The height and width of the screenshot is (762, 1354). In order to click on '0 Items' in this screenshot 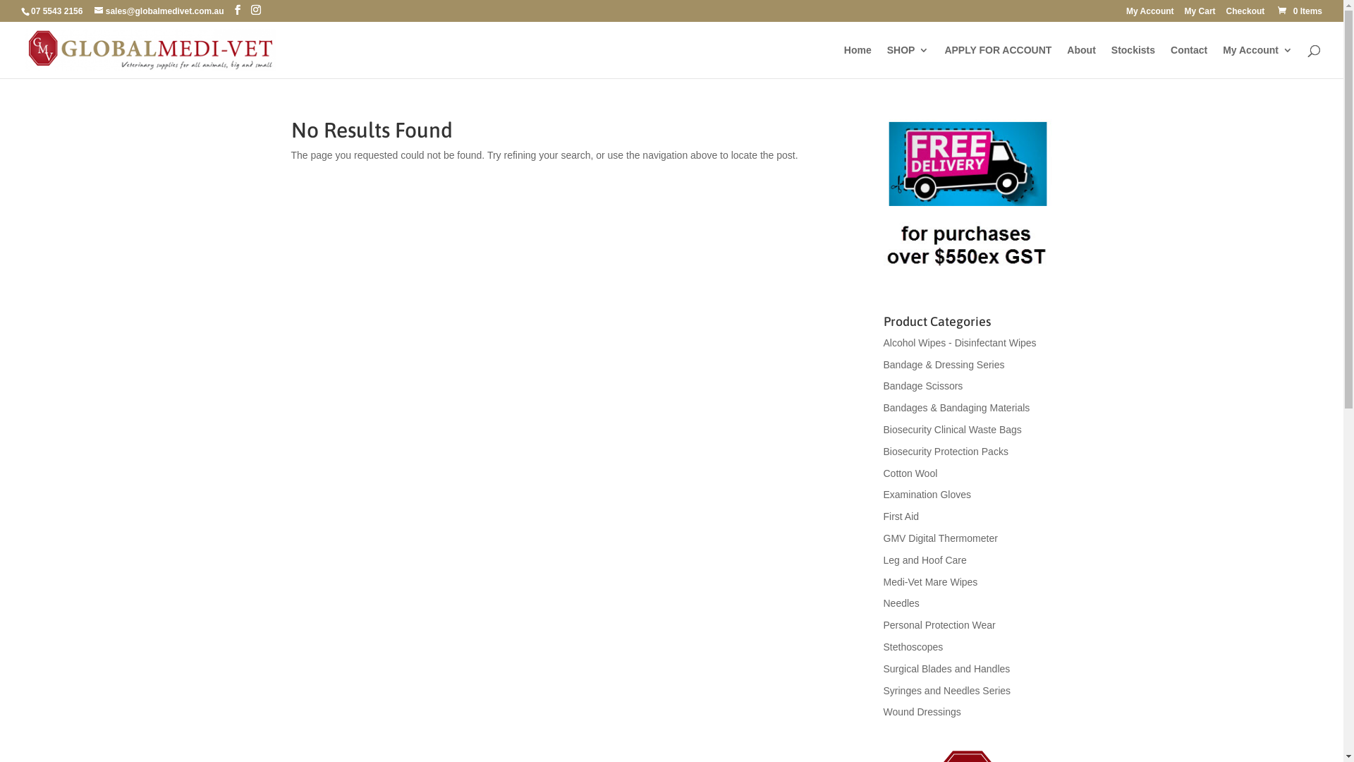, I will do `click(1275, 11)`.